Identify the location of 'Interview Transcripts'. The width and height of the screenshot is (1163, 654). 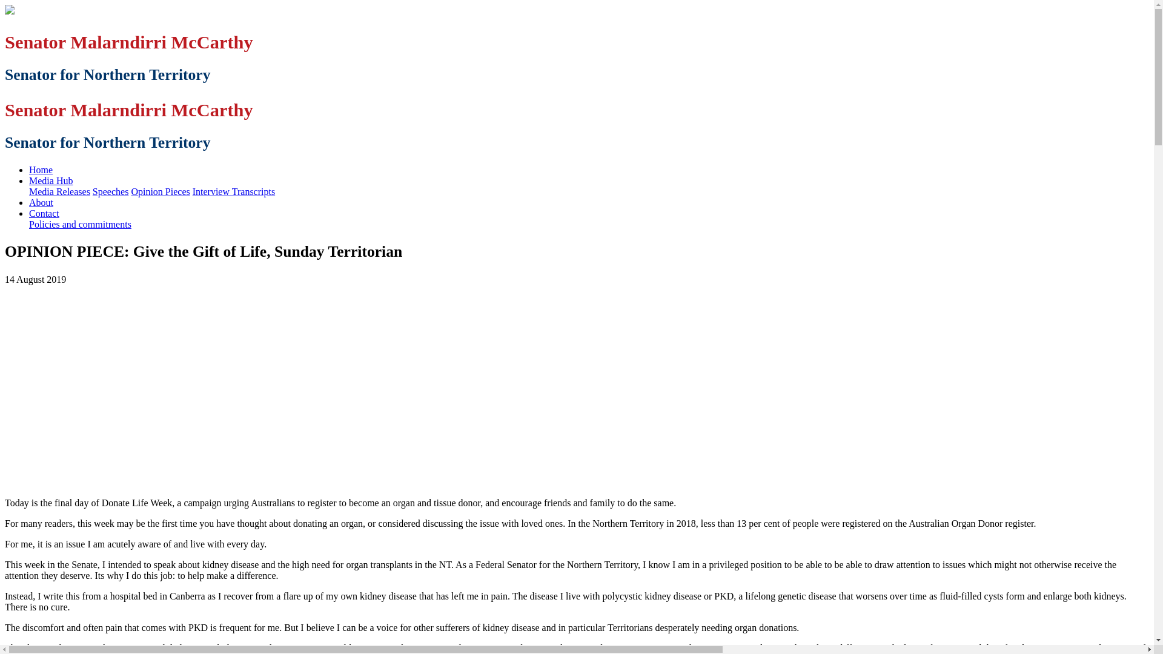
(233, 191).